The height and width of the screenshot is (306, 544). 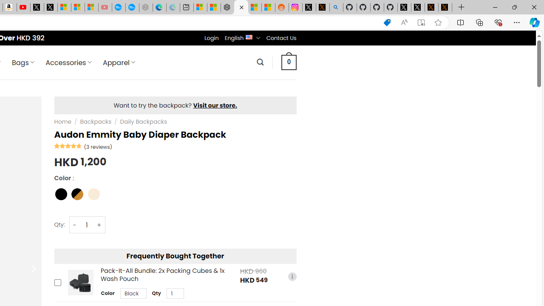 I want to click on 'Gloom - YouTube - Sleeping', so click(x=105, y=7).